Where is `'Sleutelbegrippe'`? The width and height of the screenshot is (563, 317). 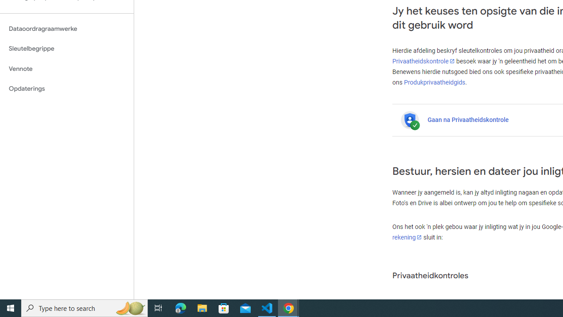 'Sleutelbegrippe' is located at coordinates (66, 48).